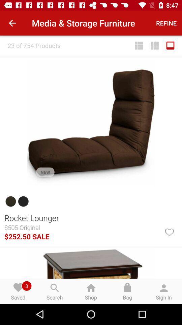 The height and width of the screenshot is (325, 182). Describe the element at coordinates (169, 232) in the screenshot. I see `to favorite option` at that location.